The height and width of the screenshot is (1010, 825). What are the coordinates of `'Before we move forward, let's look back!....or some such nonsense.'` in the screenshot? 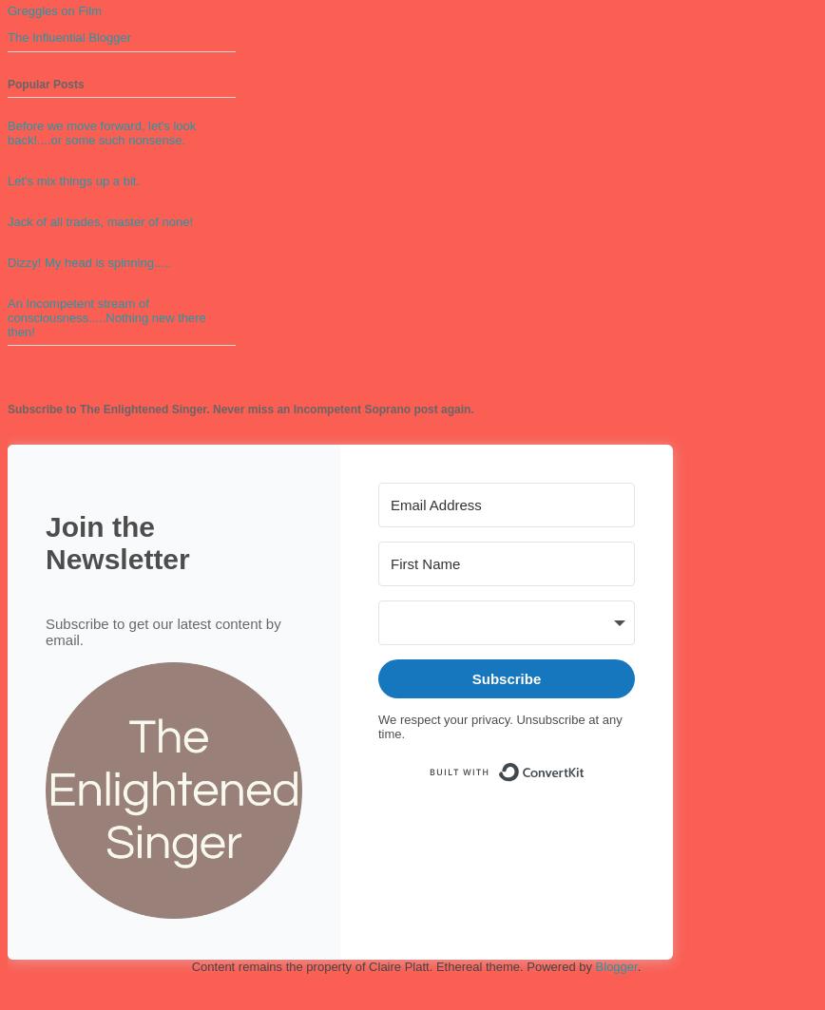 It's located at (7, 132).